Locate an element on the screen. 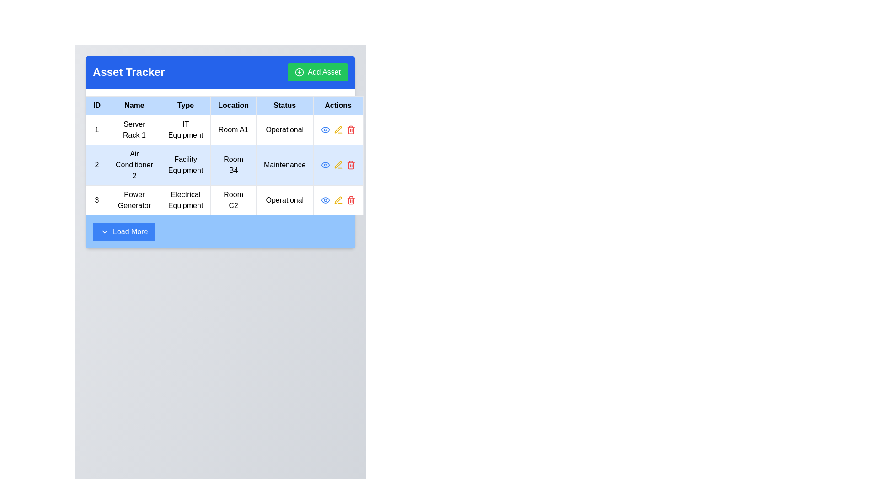 This screenshot has width=878, height=494. text displayed in the text field of the second column (labeled 'Name') in the first row of the table, which corresponds to the asset 'Server Rack 1' is located at coordinates (134, 130).